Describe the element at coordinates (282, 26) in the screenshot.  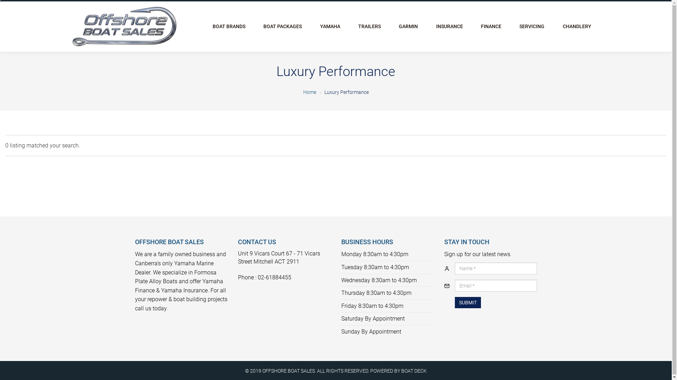
I see `'BOAT PACKAGES'` at that location.